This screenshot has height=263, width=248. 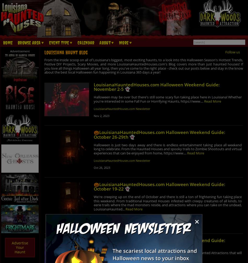 What do you see at coordinates (20, 51) in the screenshot?
I see `'Advertisement'` at bounding box center [20, 51].